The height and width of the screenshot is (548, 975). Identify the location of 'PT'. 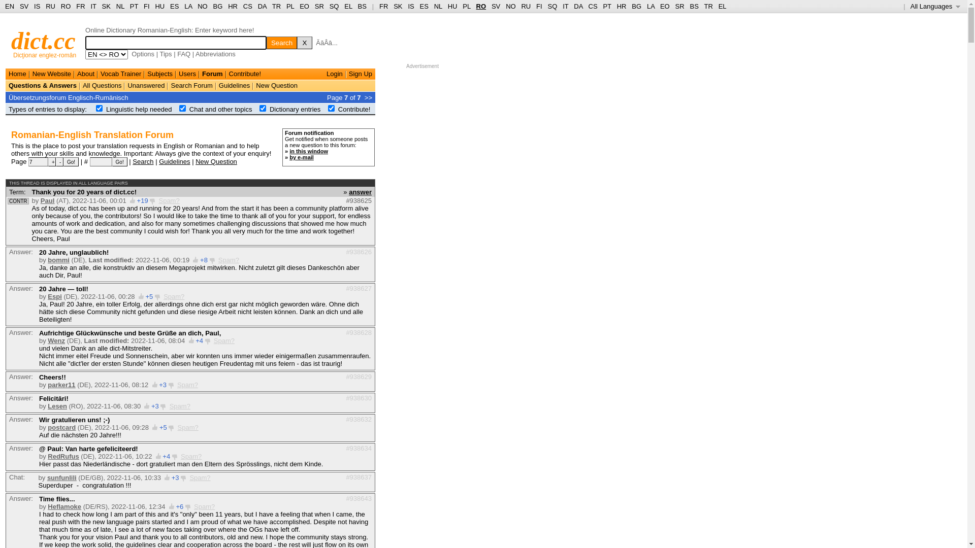
(134, 6).